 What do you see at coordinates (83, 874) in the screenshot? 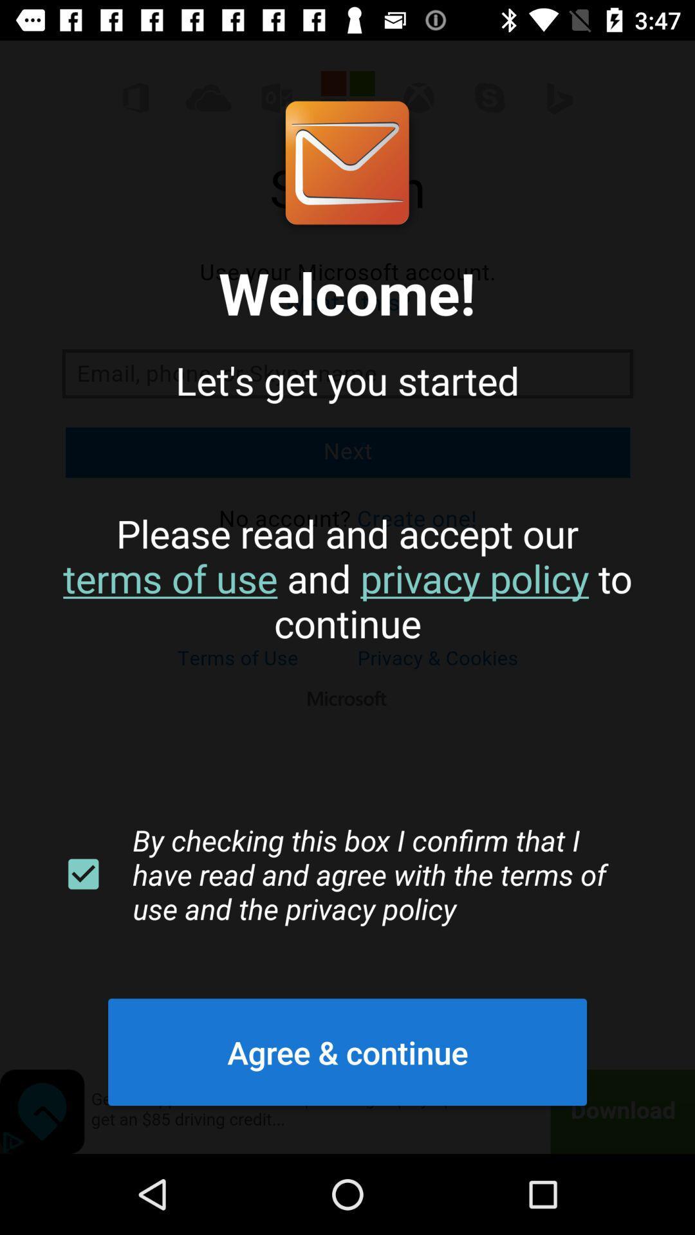
I see `the item next to by checking this` at bounding box center [83, 874].